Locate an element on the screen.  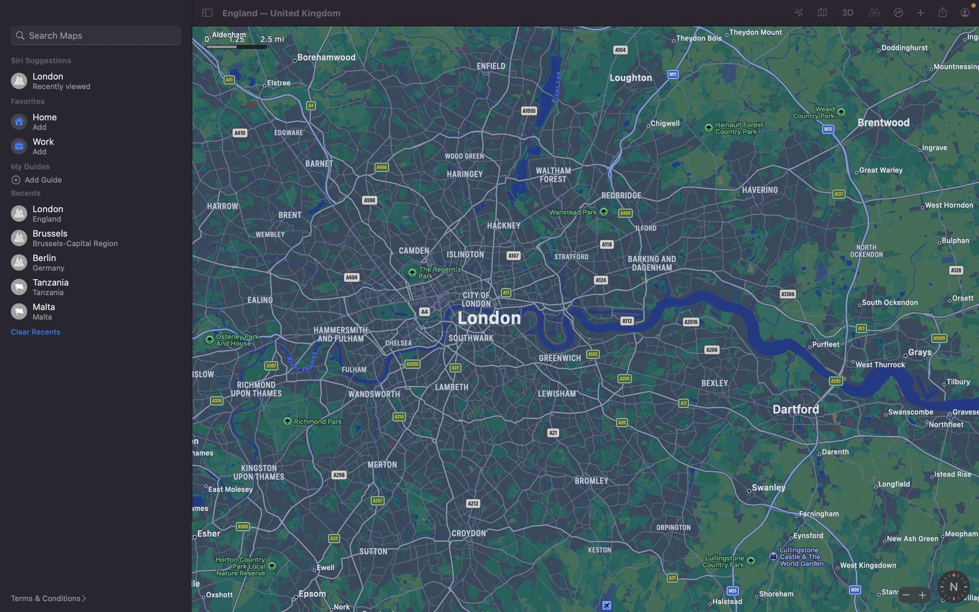
Display your present location on the map is located at coordinates (799, 13).